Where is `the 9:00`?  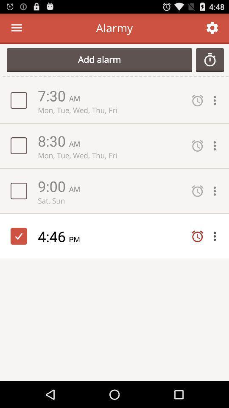 the 9:00 is located at coordinates (53, 186).